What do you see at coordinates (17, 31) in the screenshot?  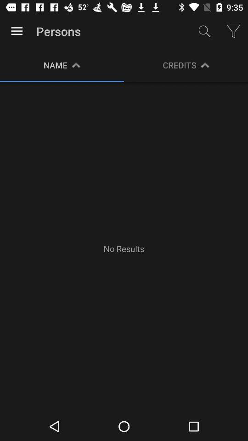 I see `show menu` at bounding box center [17, 31].